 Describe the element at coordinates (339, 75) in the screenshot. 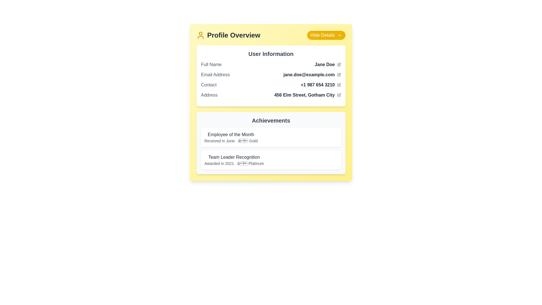

I see `the pen icon next to the email address 'jane.doe@example.com' in the 'User Information' section` at that location.